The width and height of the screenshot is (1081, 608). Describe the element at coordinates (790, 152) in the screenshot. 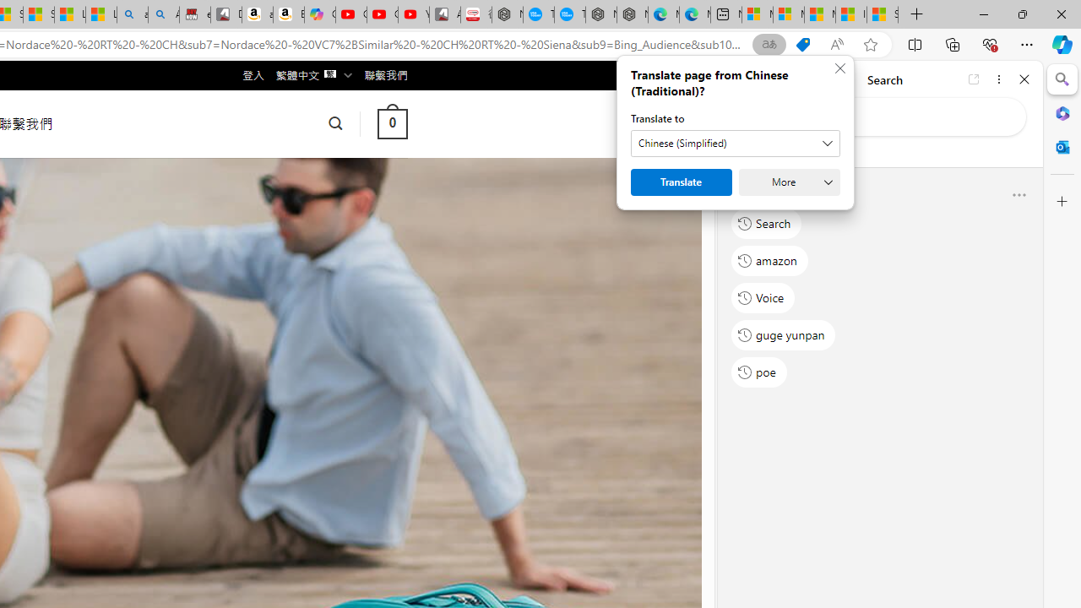

I see `'This site scope'` at that location.